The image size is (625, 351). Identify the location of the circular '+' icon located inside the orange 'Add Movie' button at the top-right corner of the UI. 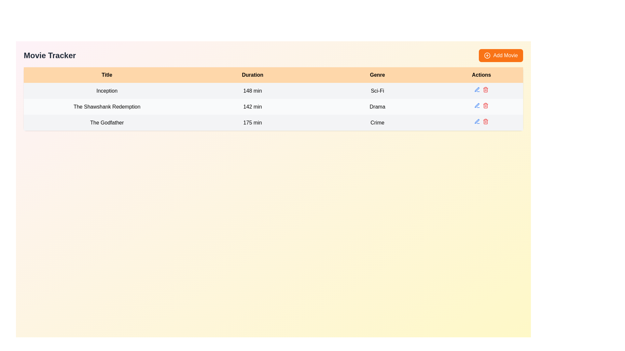
(487, 55).